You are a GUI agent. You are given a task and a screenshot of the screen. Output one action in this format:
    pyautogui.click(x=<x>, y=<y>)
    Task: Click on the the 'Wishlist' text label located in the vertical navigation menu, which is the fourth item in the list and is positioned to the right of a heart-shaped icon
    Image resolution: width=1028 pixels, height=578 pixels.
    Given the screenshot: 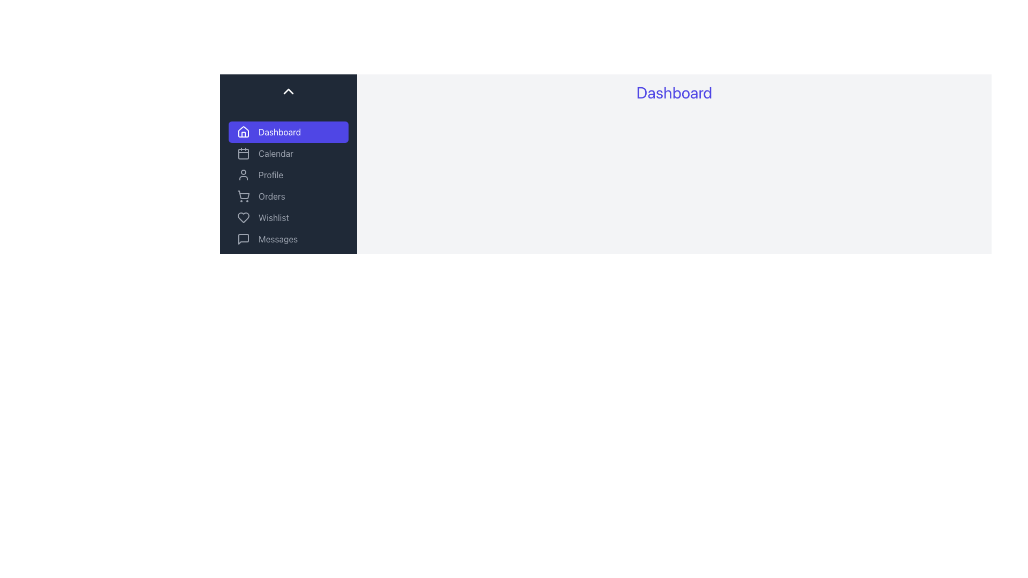 What is the action you would take?
    pyautogui.click(x=274, y=217)
    